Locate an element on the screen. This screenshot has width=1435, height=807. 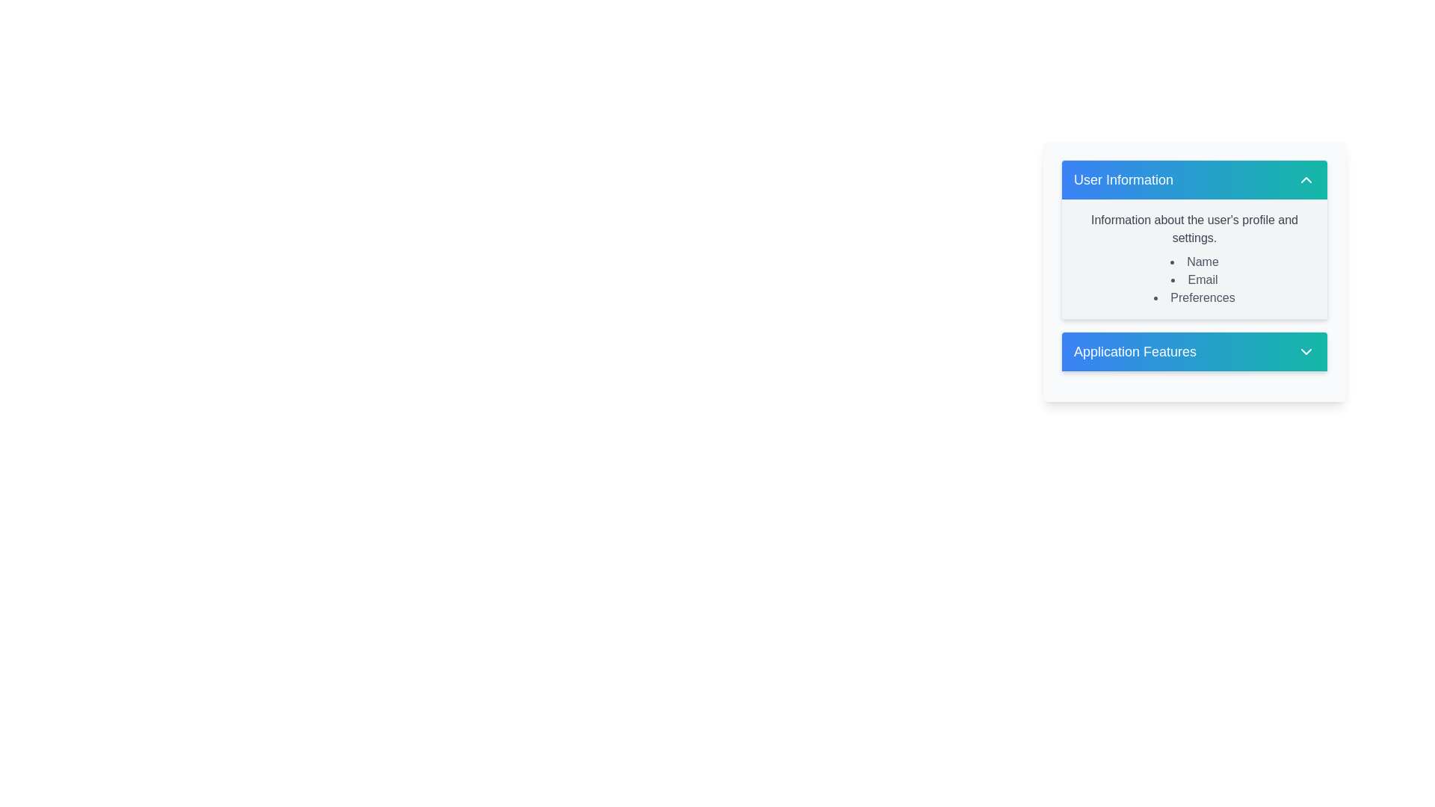
the downward-facing chevron icon, which is styled with a thin, rounded stroke in white, located on the right side of the 'User Information' header is located at coordinates (1305, 179).